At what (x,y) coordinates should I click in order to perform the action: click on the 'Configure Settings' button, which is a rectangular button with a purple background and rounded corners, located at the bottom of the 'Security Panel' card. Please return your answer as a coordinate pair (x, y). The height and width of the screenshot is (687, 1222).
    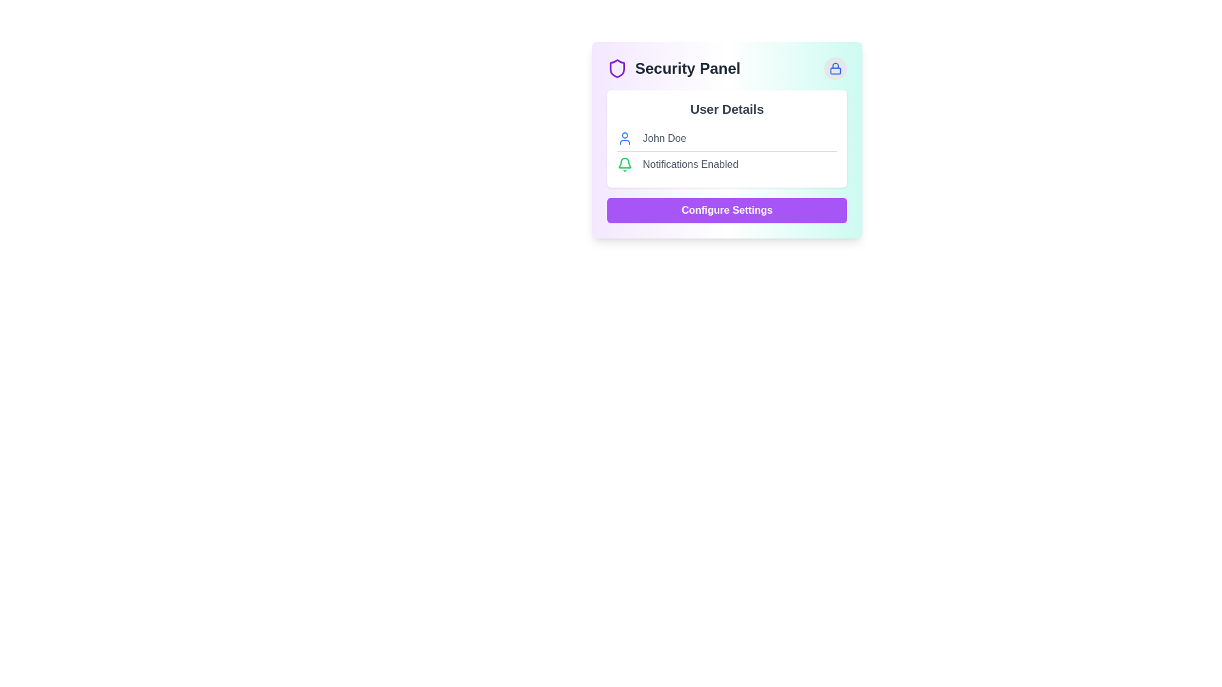
    Looking at the image, I should click on (727, 210).